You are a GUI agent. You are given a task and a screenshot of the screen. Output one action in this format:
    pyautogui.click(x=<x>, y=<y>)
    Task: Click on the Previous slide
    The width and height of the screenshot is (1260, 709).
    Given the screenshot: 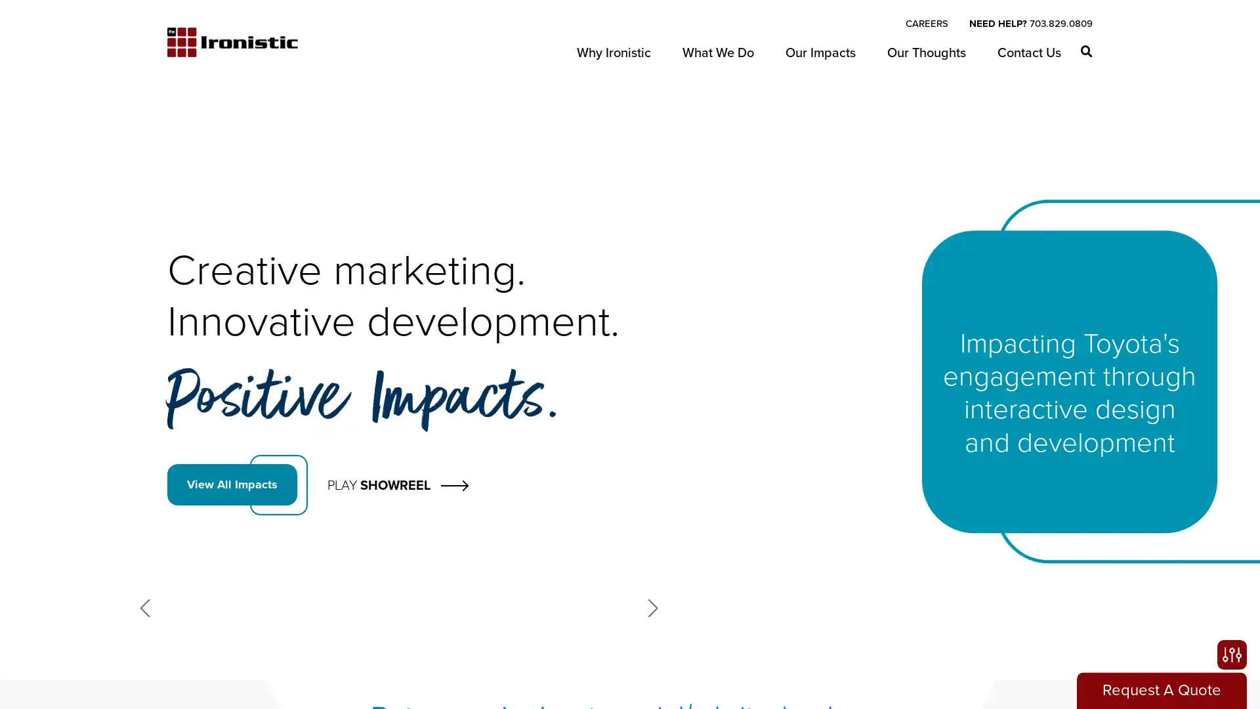 What is the action you would take?
    pyautogui.click(x=144, y=607)
    